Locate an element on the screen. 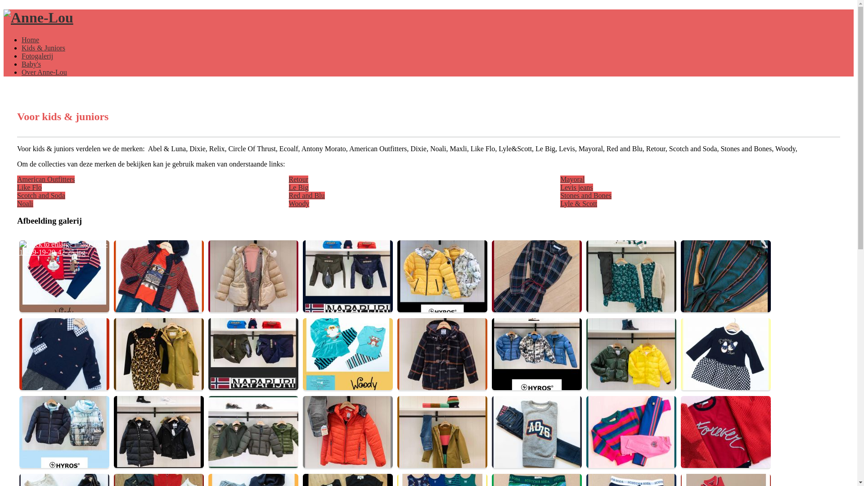  'Retour' is located at coordinates (298, 179).